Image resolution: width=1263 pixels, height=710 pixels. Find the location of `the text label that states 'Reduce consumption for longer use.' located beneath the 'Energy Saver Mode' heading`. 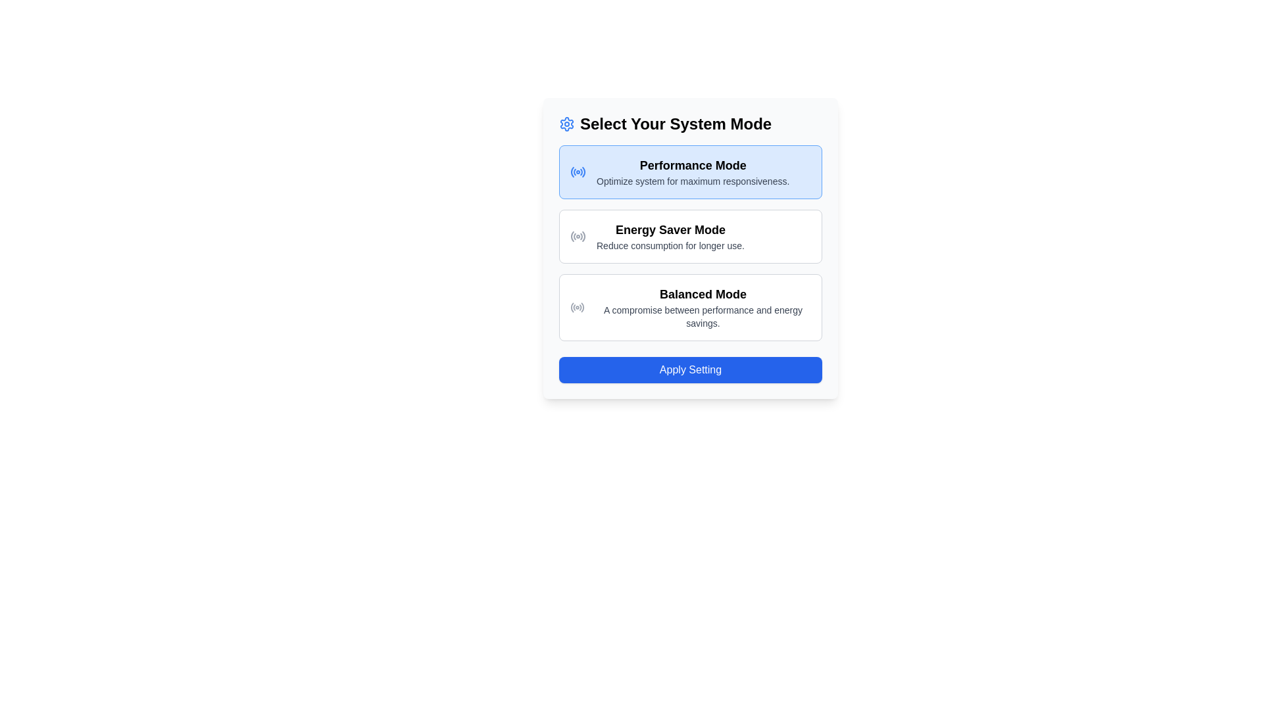

the text label that states 'Reduce consumption for longer use.' located beneath the 'Energy Saver Mode' heading is located at coordinates (670, 246).